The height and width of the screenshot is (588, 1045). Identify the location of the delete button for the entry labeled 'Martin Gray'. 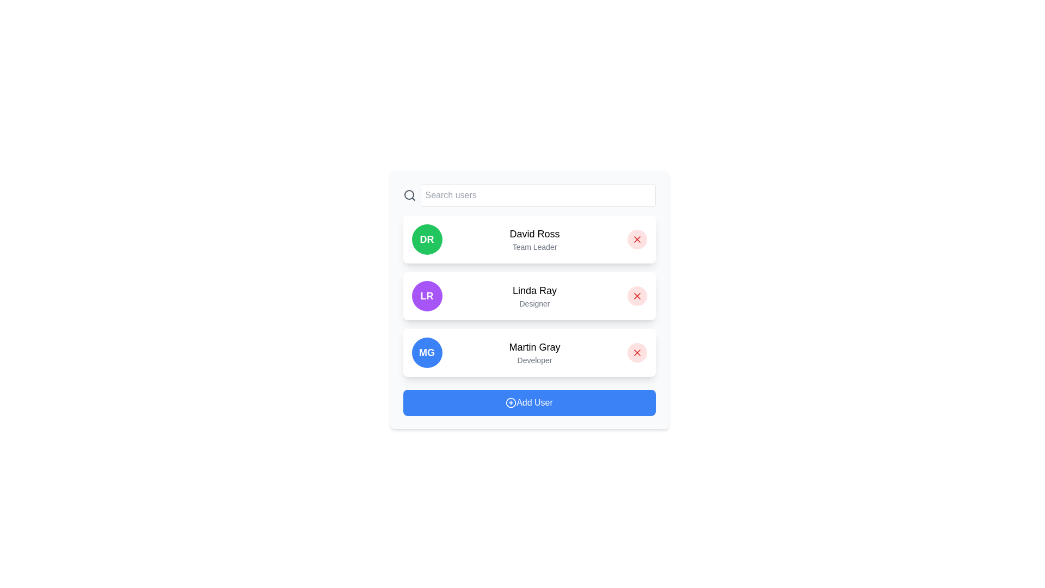
(637, 353).